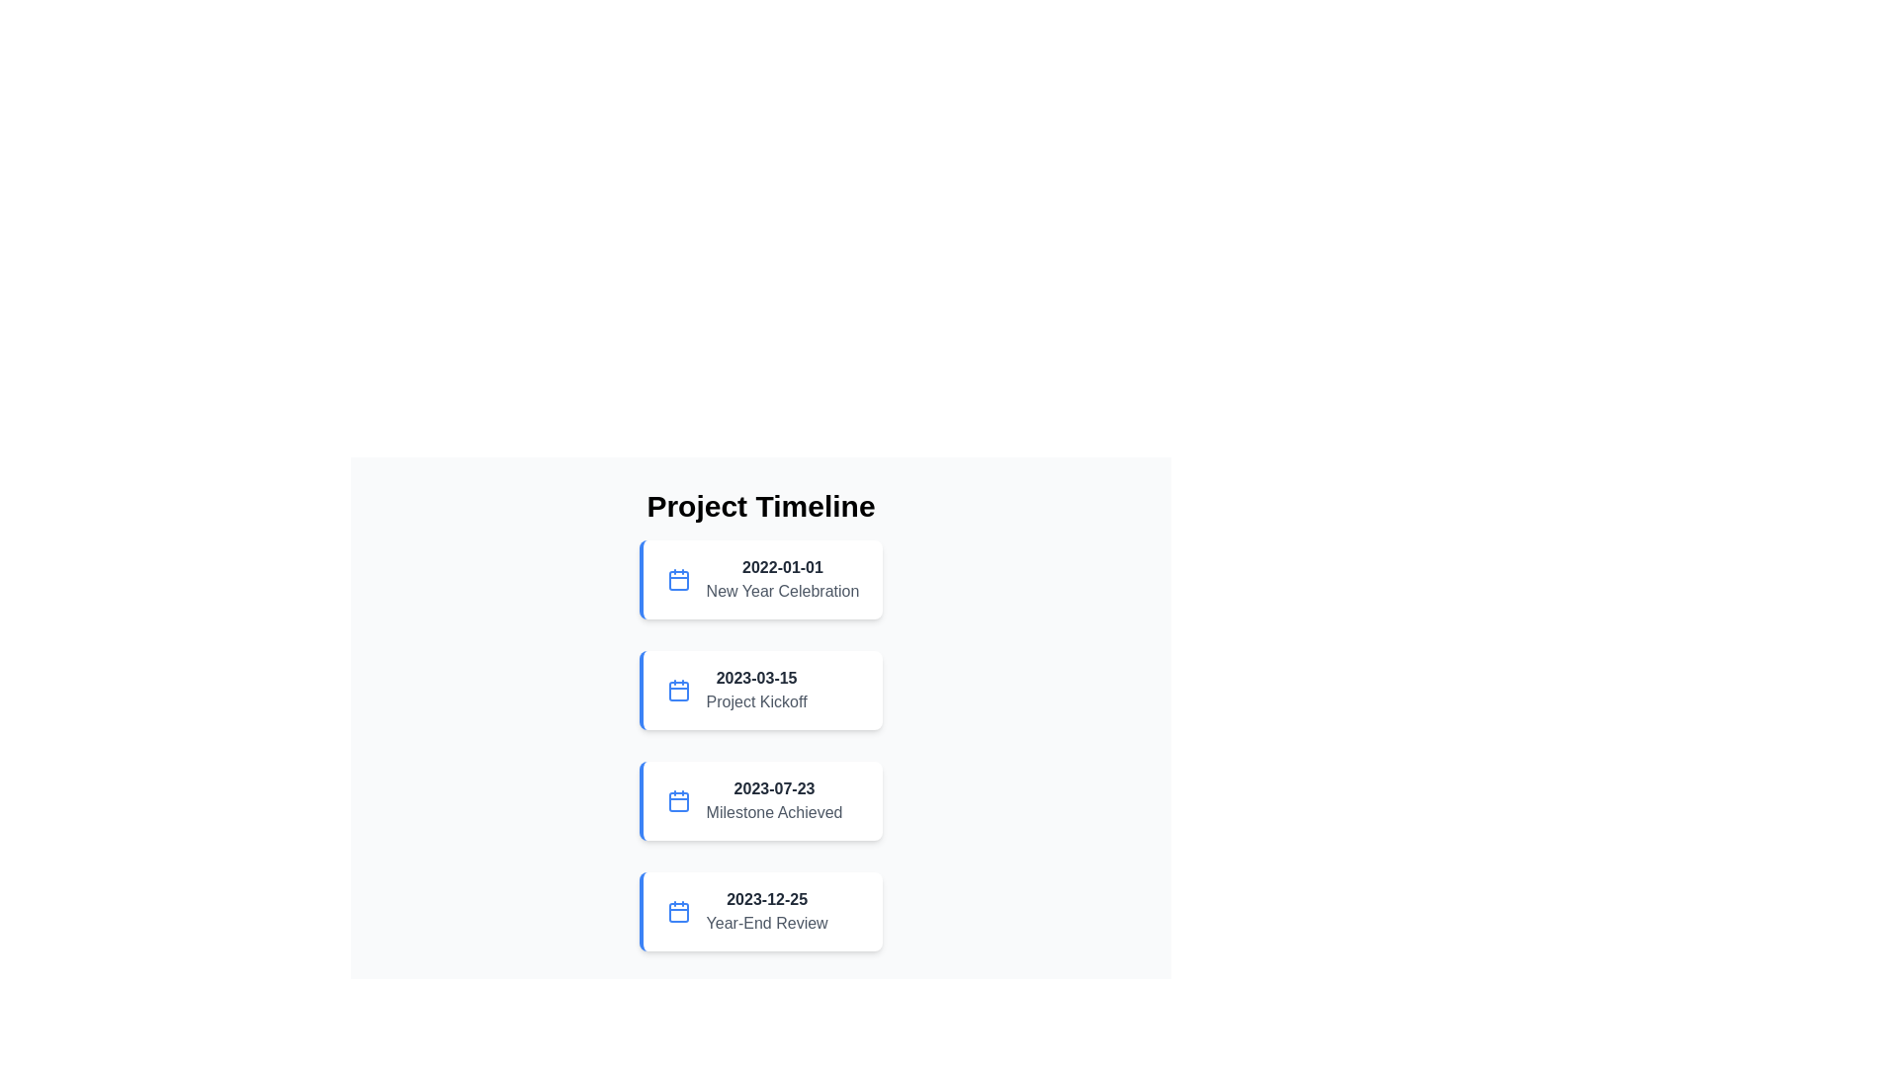  Describe the element at coordinates (766, 899) in the screenshot. I see `the Text Display showing the date '2023-12-25'` at that location.